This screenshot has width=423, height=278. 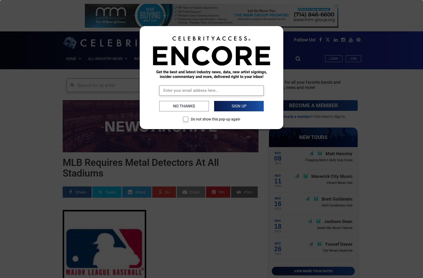 I want to click on 'Industry Insider', so click(x=149, y=58).